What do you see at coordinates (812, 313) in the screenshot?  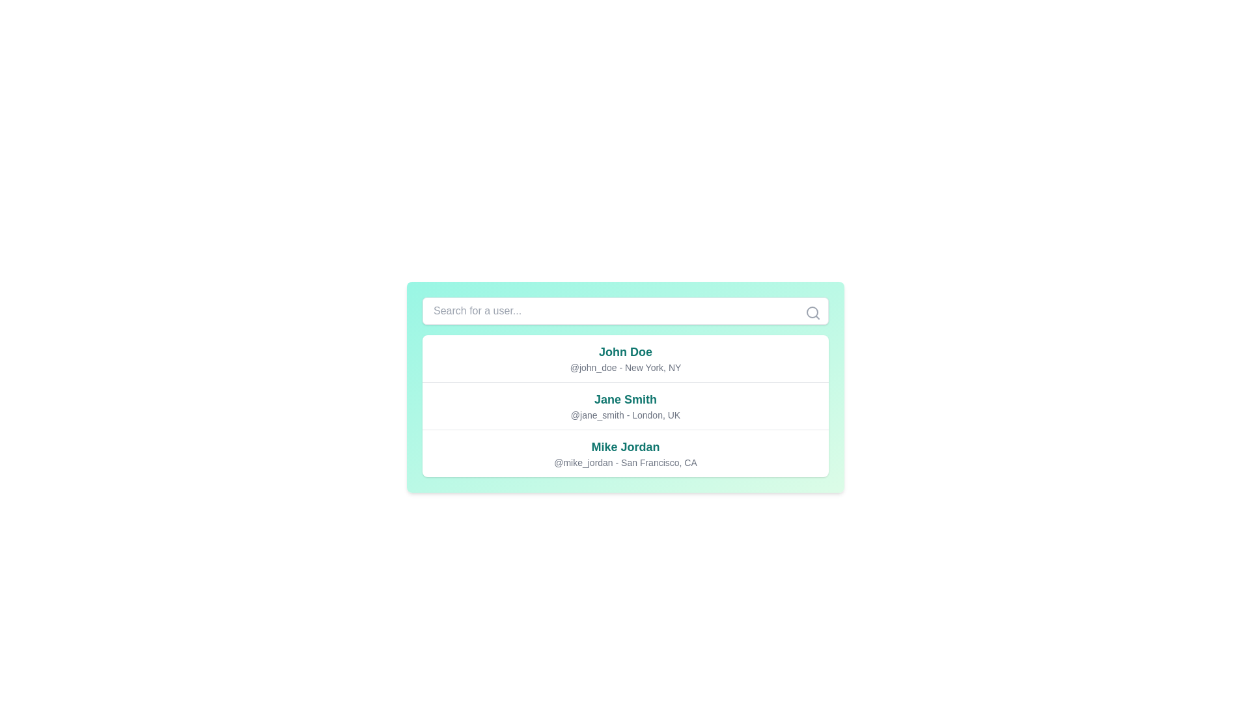 I see `the search icon located at the top right corner of the search bar, which visually indicates the search function for users to input text` at bounding box center [812, 313].